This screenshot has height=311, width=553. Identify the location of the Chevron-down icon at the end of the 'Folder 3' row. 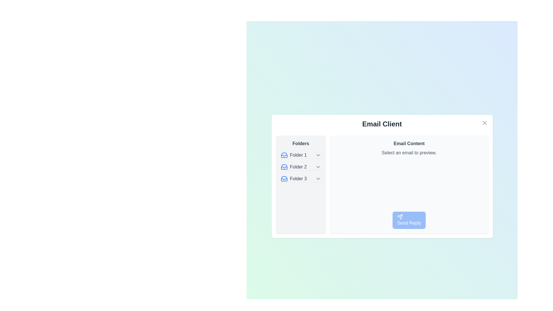
(318, 179).